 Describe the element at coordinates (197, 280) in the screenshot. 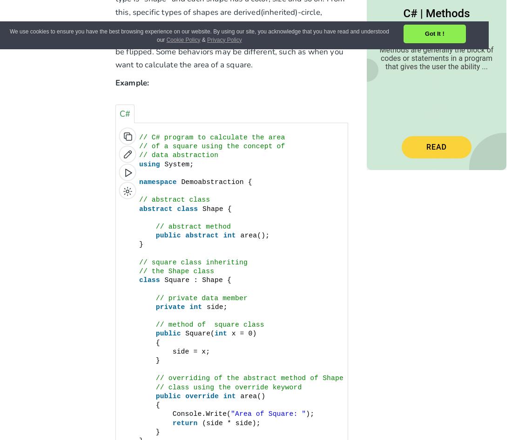

I see `'Square : Shape {'` at that location.